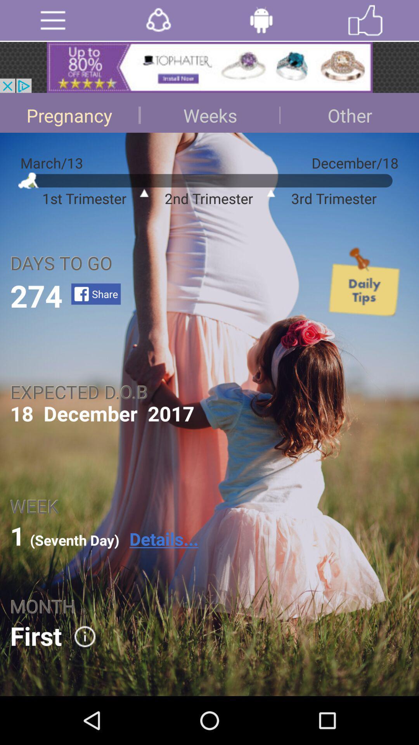 The image size is (419, 745). What do you see at coordinates (365, 20) in the screenshot?
I see `win option` at bounding box center [365, 20].